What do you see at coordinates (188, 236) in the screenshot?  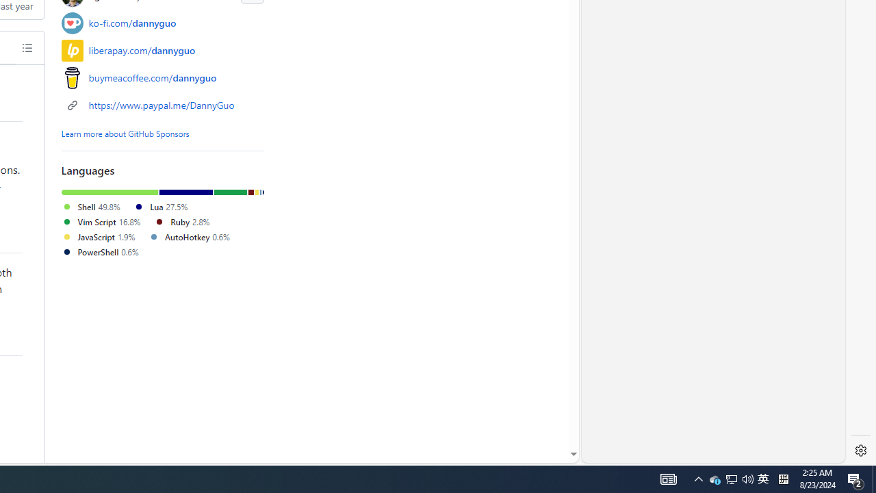 I see `'AutoHotkey 0.6%'` at bounding box center [188, 236].